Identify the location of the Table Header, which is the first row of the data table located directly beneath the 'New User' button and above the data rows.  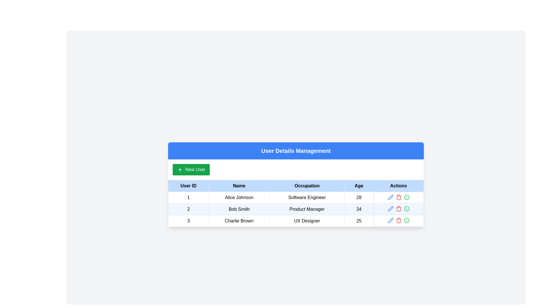
(296, 186).